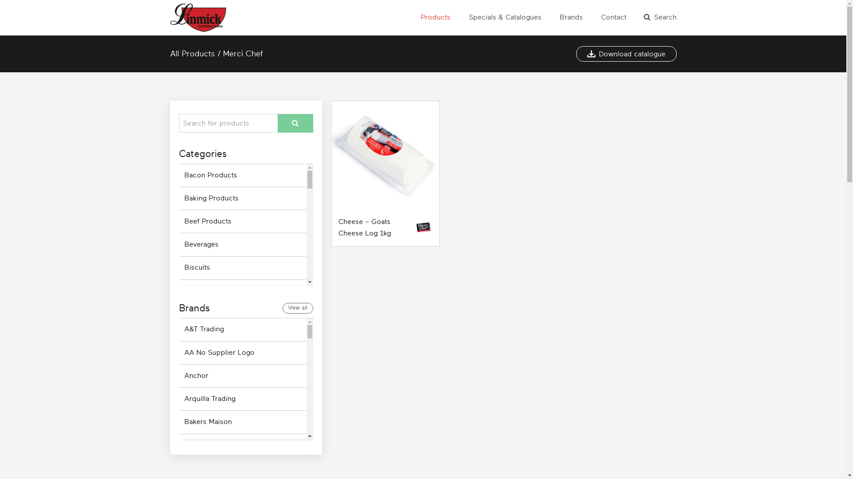 Image resolution: width=853 pixels, height=479 pixels. Describe the element at coordinates (242, 383) in the screenshot. I see `'Chicken & Poultry'` at that location.